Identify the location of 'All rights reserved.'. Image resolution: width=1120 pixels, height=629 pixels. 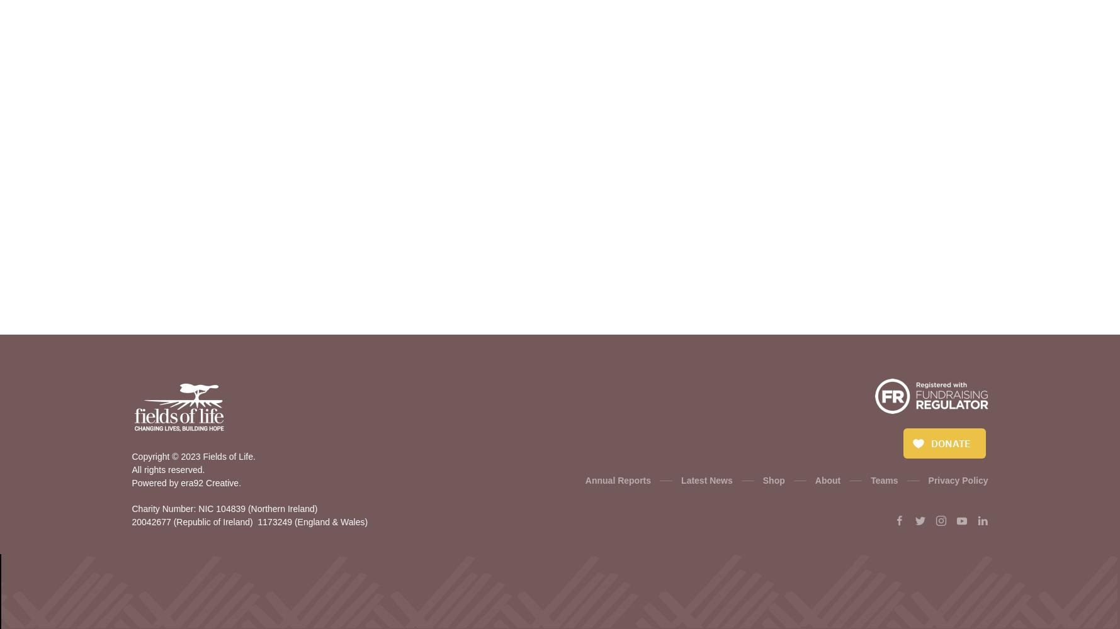
(167, 469).